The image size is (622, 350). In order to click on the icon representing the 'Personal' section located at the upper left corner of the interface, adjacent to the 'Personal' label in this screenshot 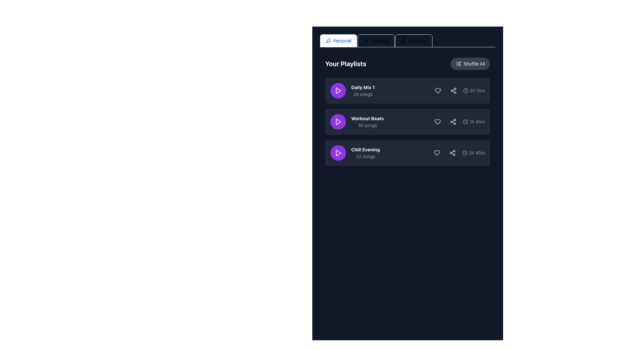, I will do `click(328, 41)`.